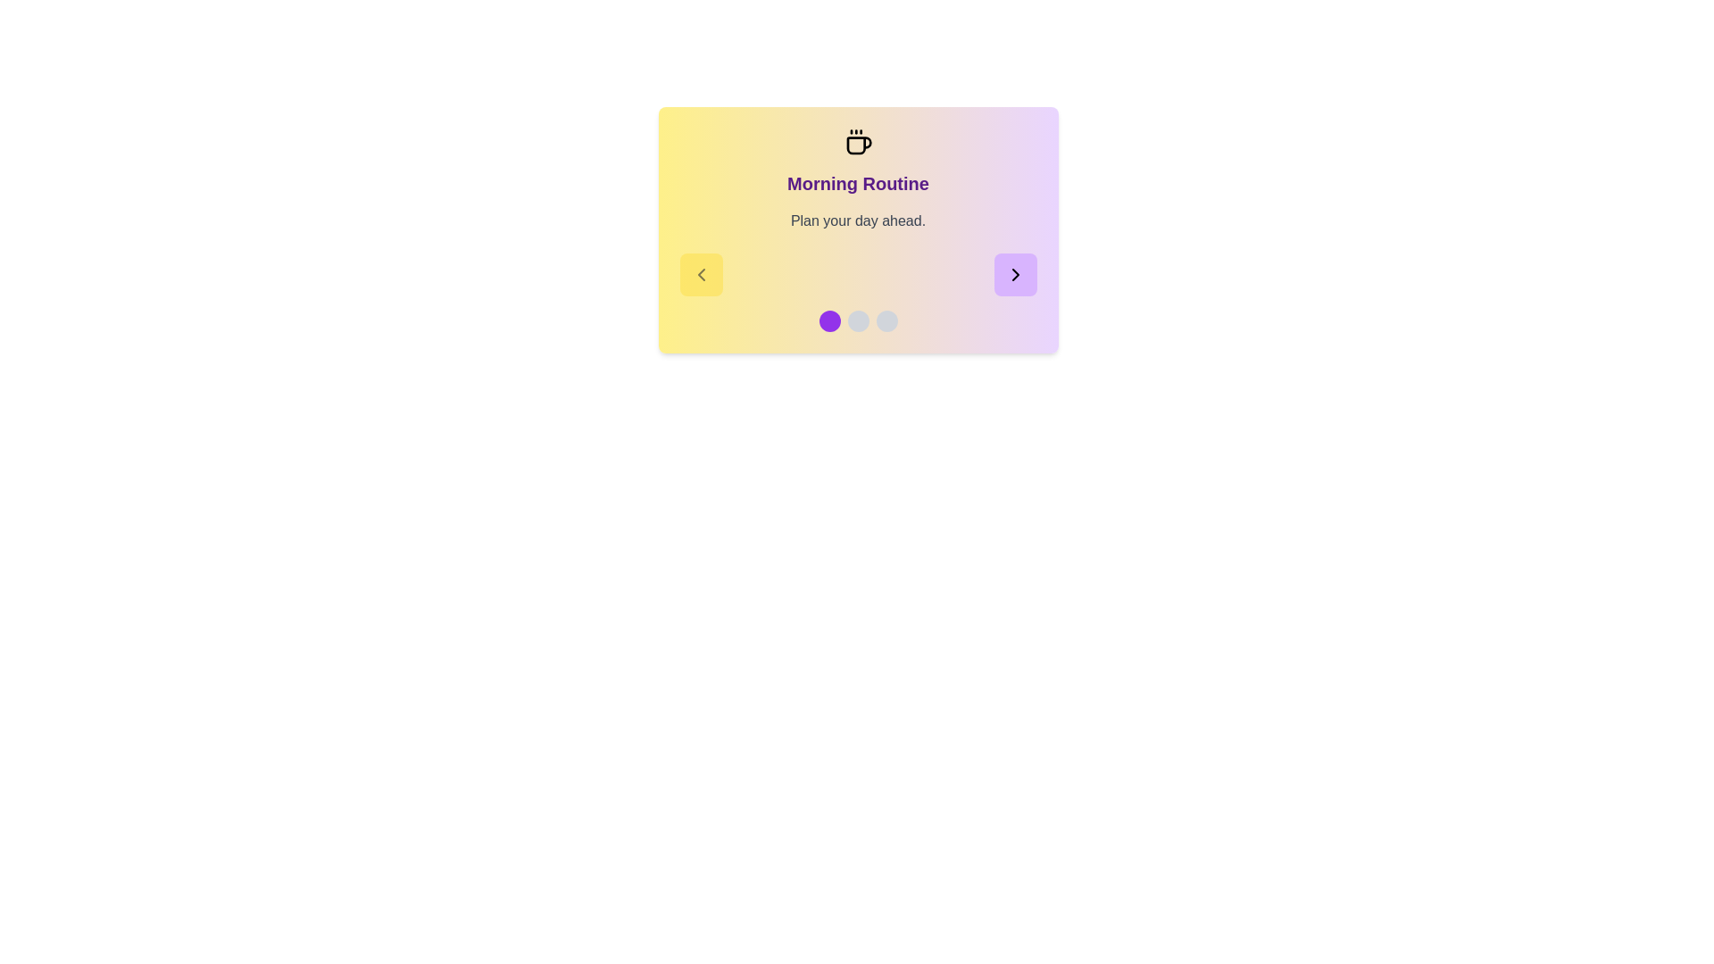 Image resolution: width=1714 pixels, height=964 pixels. Describe the element at coordinates (700, 275) in the screenshot. I see `the left navigation button to navigate to the previous step` at that location.